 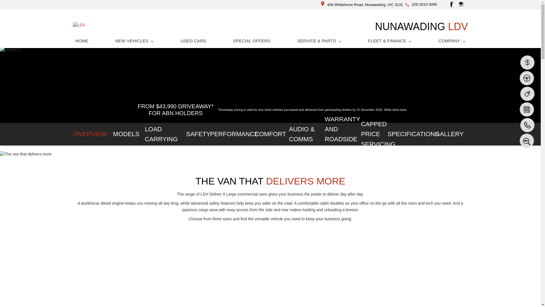 What do you see at coordinates (424, 4) in the screenshot?
I see `'(03) 9210 3090'` at bounding box center [424, 4].